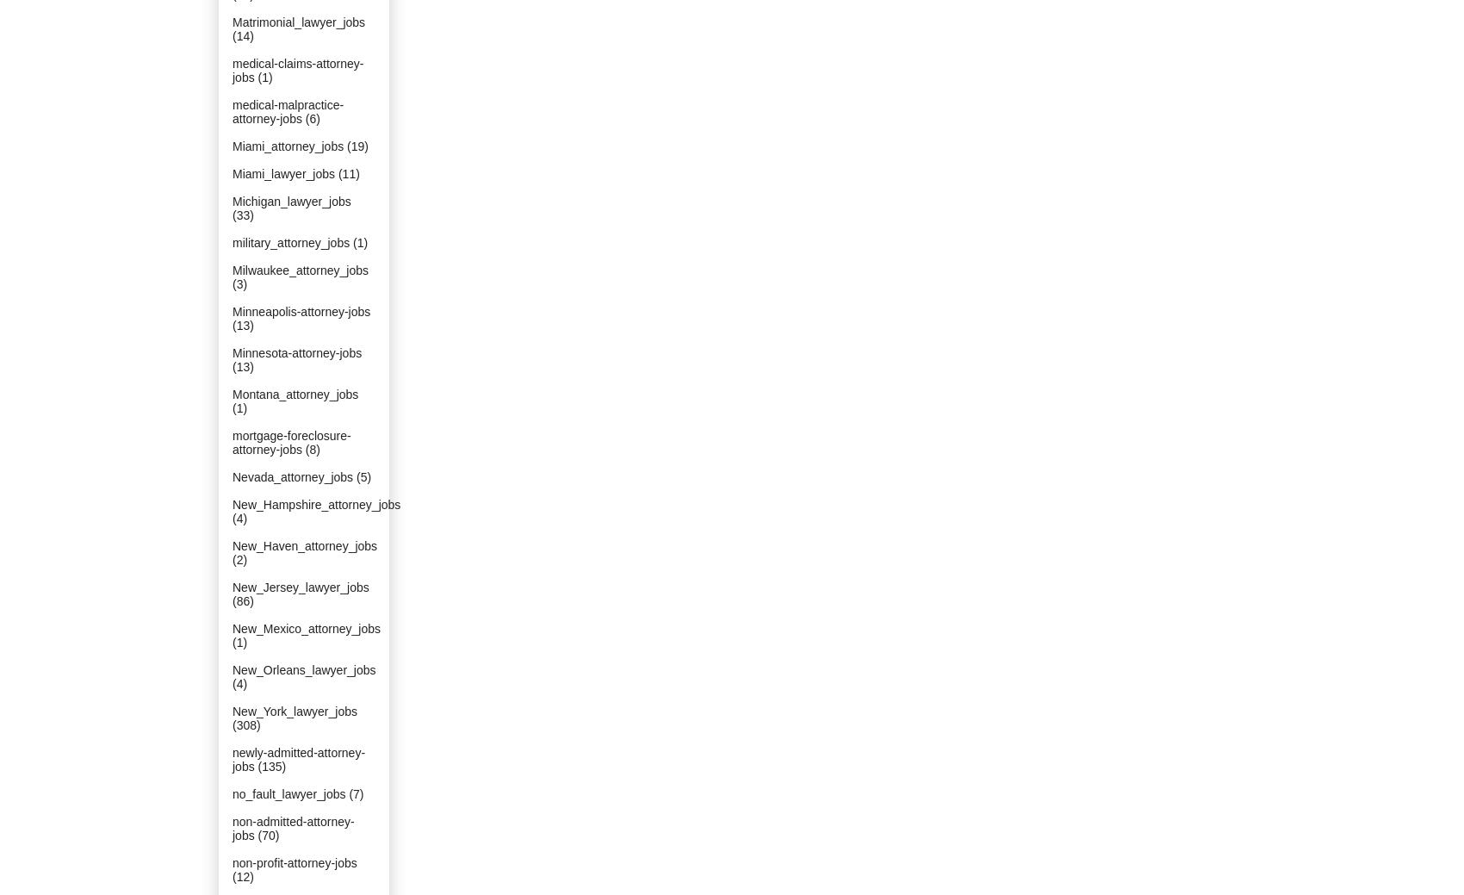 This screenshot has width=1464, height=895. What do you see at coordinates (288, 794) in the screenshot?
I see `'no_fault_lawyer_jobs'` at bounding box center [288, 794].